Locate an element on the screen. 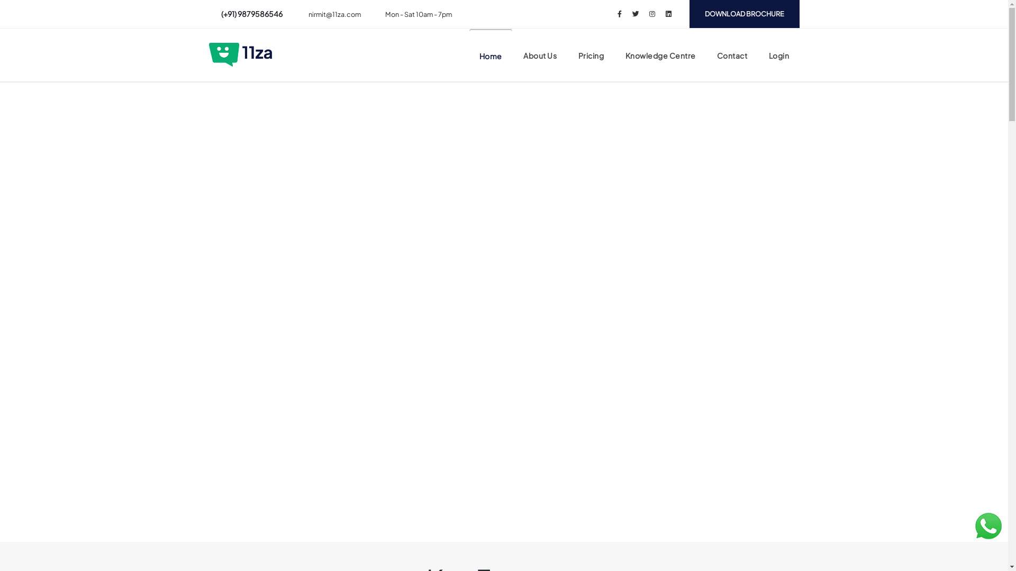 The width and height of the screenshot is (1016, 571). 'About Us' is located at coordinates (540, 55).